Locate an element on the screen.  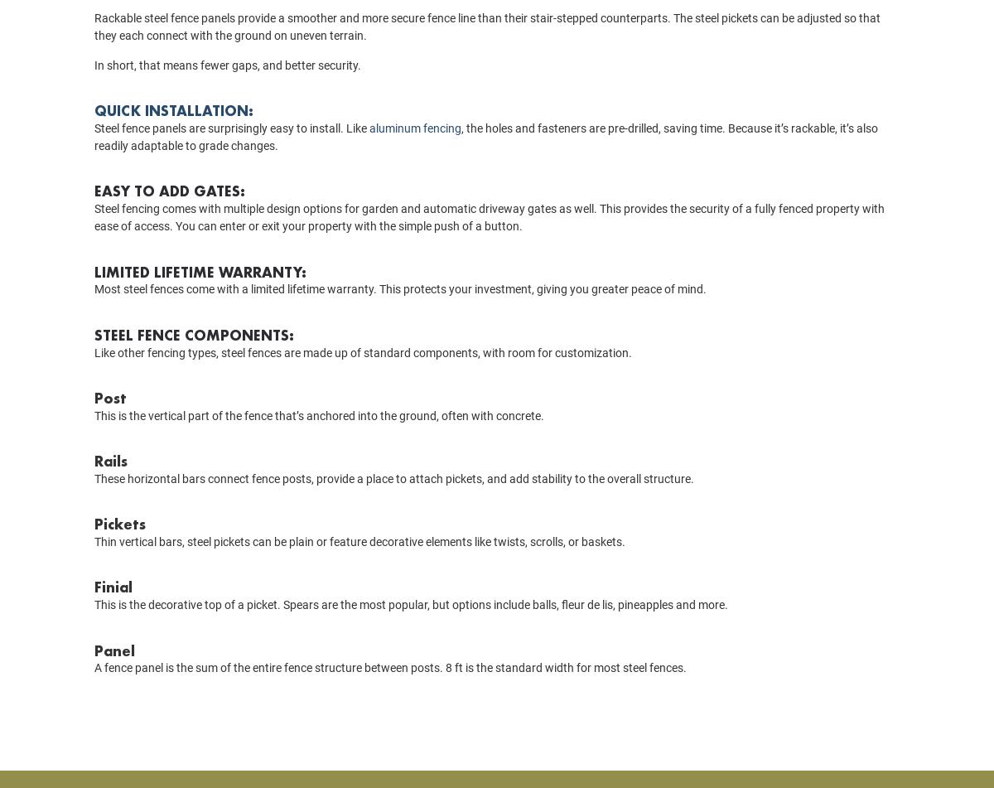
'Rackable steel fence panels provide a smoother and more secure fence line than their stair-stepped counterparts. The steel pickets can be adjusted so that they each connect with the ground on uneven terrain.' is located at coordinates (486, 51).